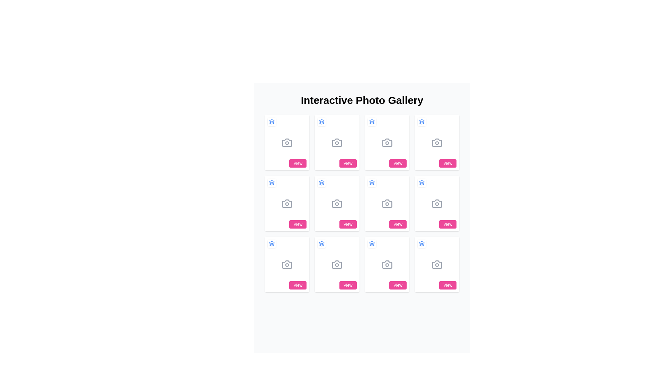  Describe the element at coordinates (337, 203) in the screenshot. I see `the decorative vector graphic of the camera icon, which is part of the interactive photo gallery grid layout` at that location.